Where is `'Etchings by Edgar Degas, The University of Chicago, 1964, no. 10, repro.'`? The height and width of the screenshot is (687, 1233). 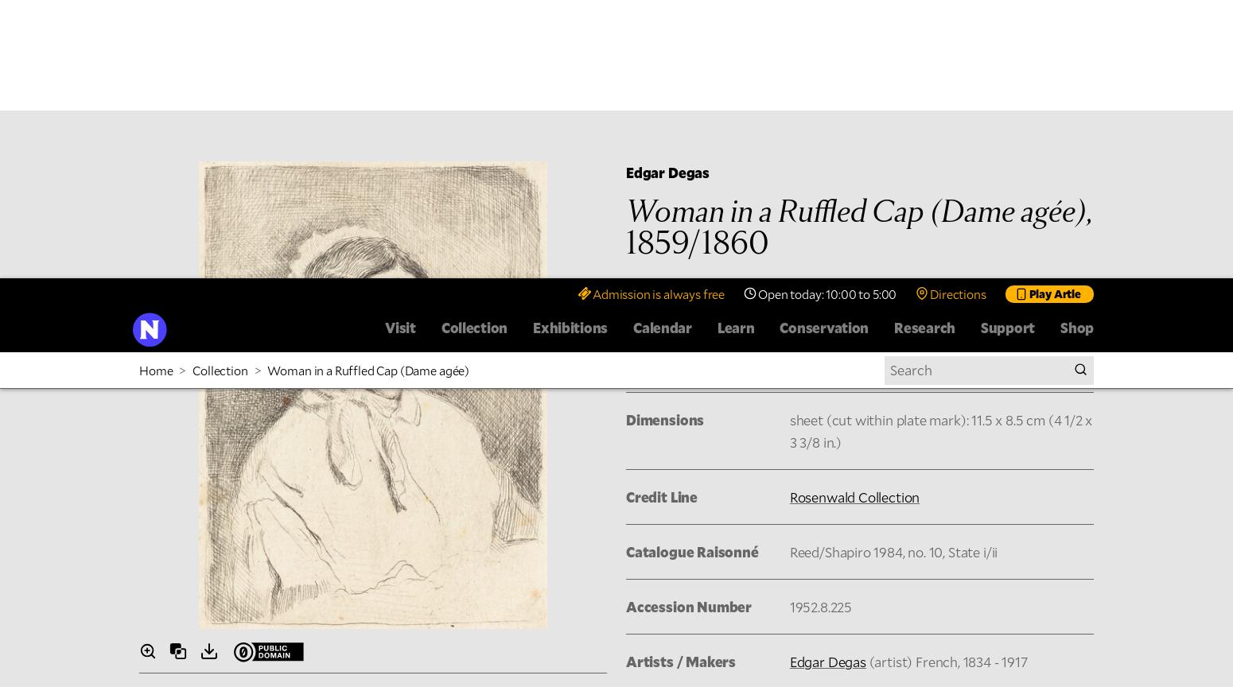
'Etchings by Edgar Degas, The University of Chicago, 1964, no. 10, repro.' is located at coordinates (598, 479).